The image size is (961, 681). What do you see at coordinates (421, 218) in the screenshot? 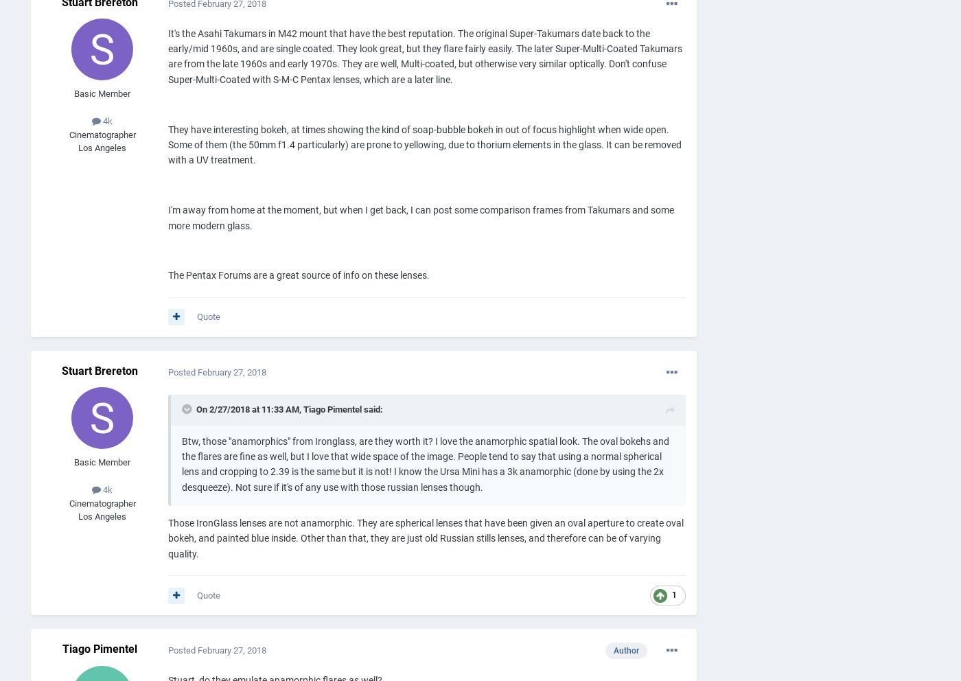
I see `'I'm away from home at the moment, but when I get back, I can post some comparison frames from Takumars and some more modern glass.'` at bounding box center [421, 218].